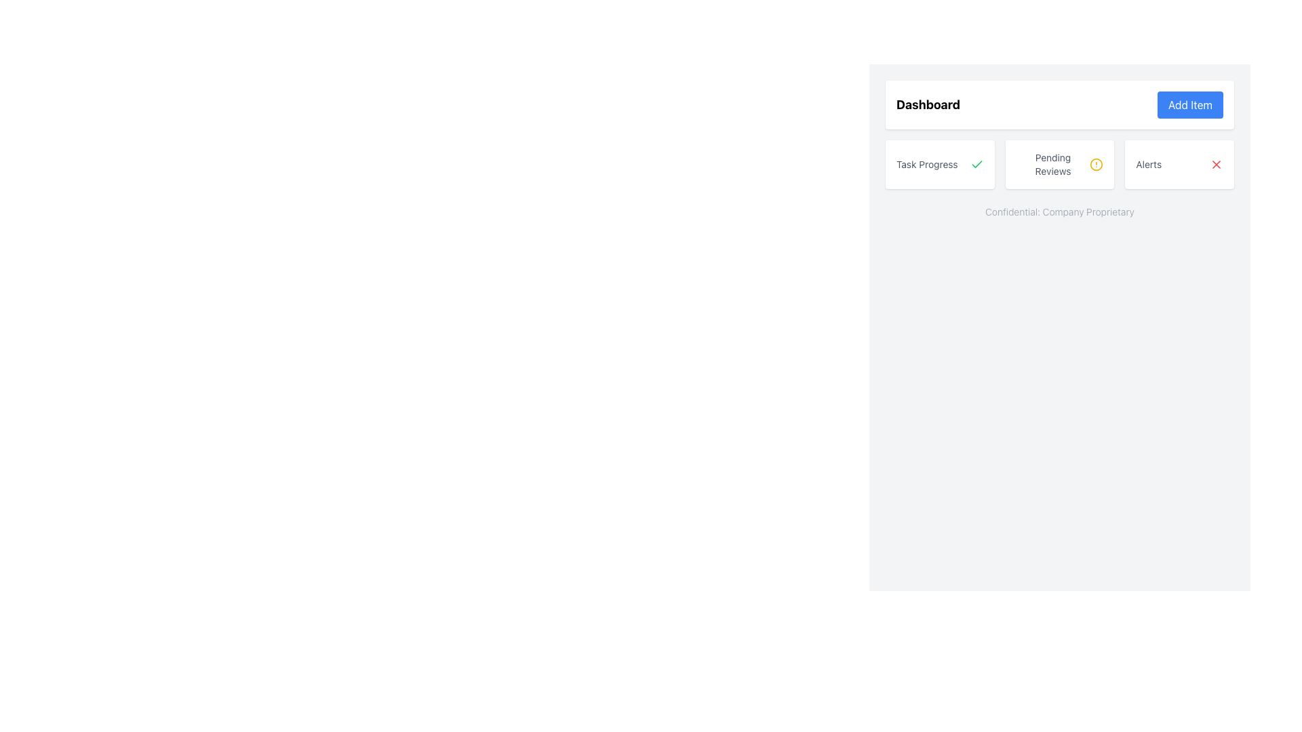  Describe the element at coordinates (1059, 164) in the screenshot. I see `the informational card or status indicator in the middle column` at that location.